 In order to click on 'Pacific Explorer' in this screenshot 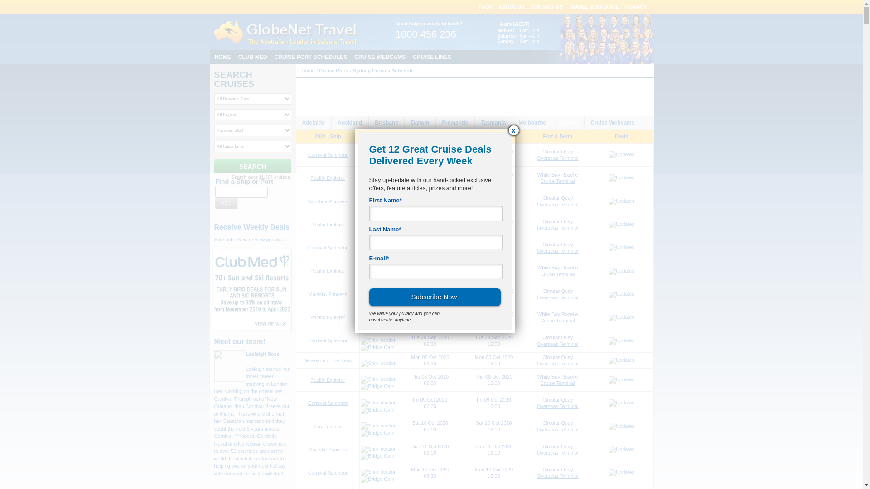, I will do `click(327, 270)`.